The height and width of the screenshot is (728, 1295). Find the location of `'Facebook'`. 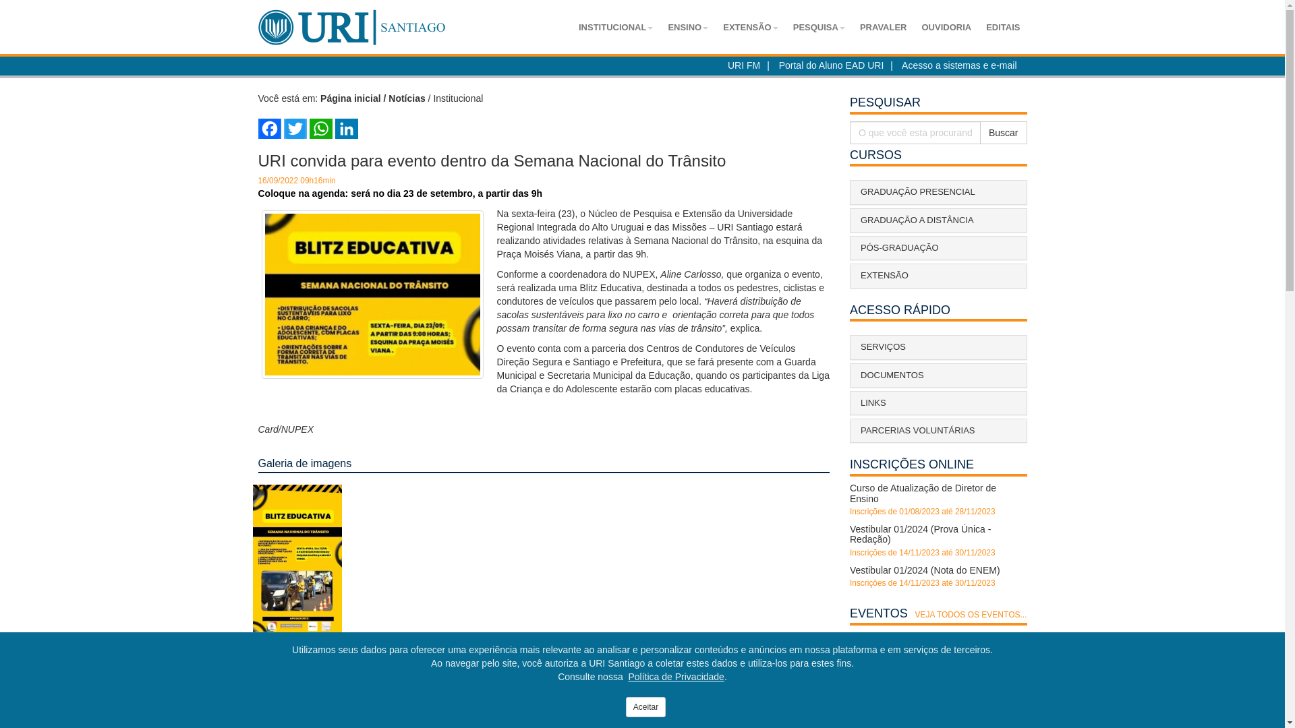

'Facebook' is located at coordinates (268, 129).